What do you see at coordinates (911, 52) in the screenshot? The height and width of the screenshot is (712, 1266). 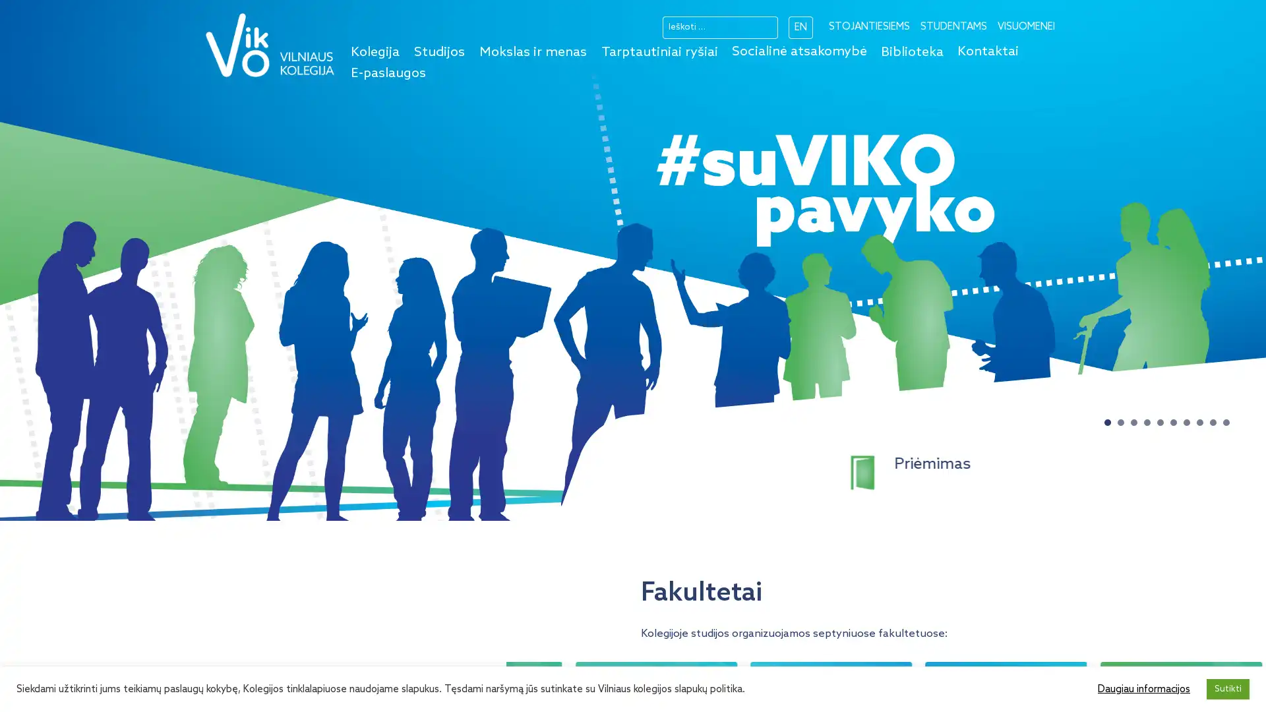 I see `Biblioteka` at bounding box center [911, 52].